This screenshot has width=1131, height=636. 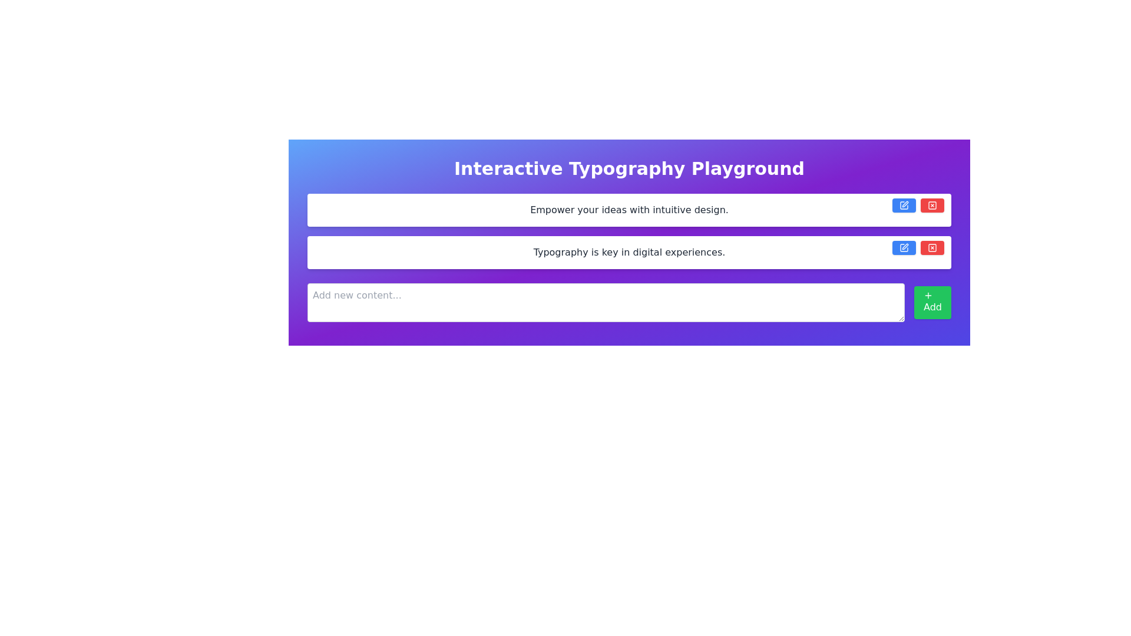 I want to click on the delete button located on the top-right corner of the second text input box, so click(x=932, y=247).